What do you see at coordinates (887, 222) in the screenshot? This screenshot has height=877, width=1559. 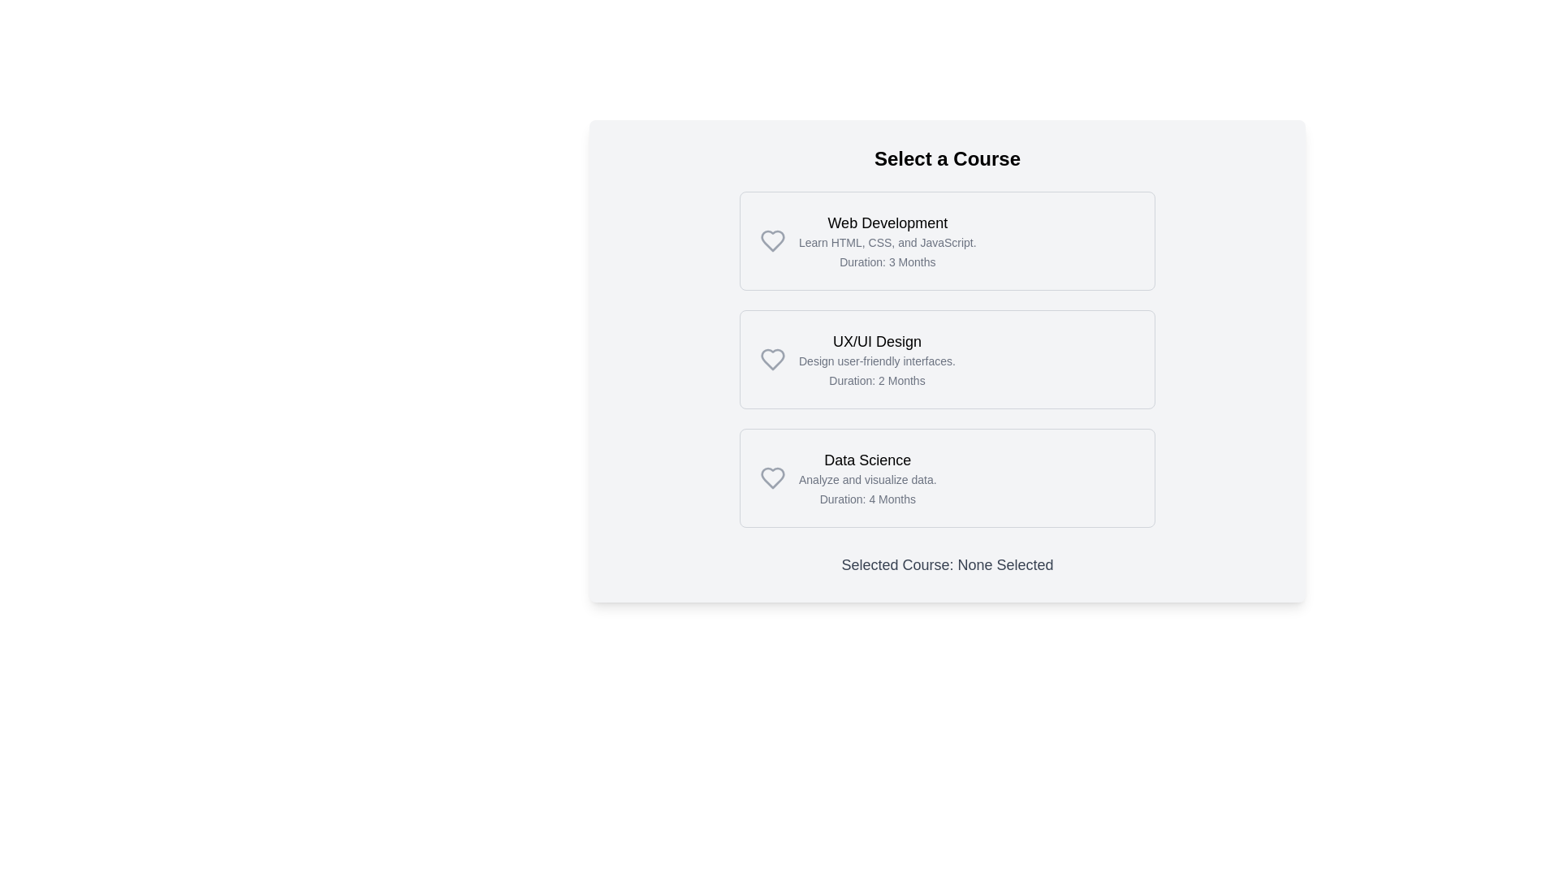 I see `the text label displaying 'Web Development', which is styled in a bold and larger font, positioned at the upper part of the list` at bounding box center [887, 222].